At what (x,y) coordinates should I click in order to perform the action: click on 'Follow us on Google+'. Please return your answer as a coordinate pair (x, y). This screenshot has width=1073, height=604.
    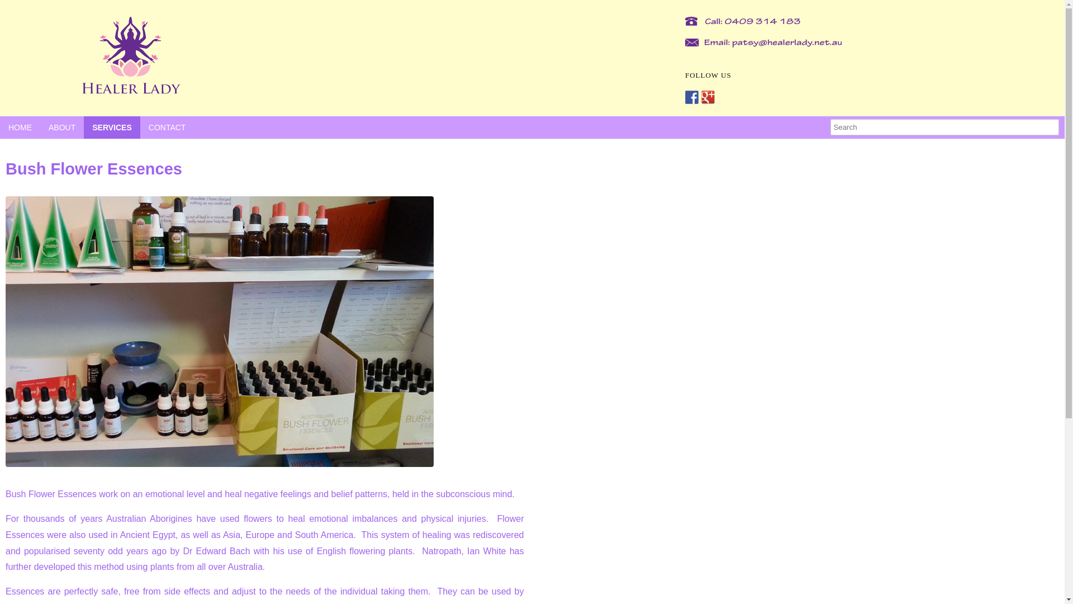
    Looking at the image, I should click on (708, 96).